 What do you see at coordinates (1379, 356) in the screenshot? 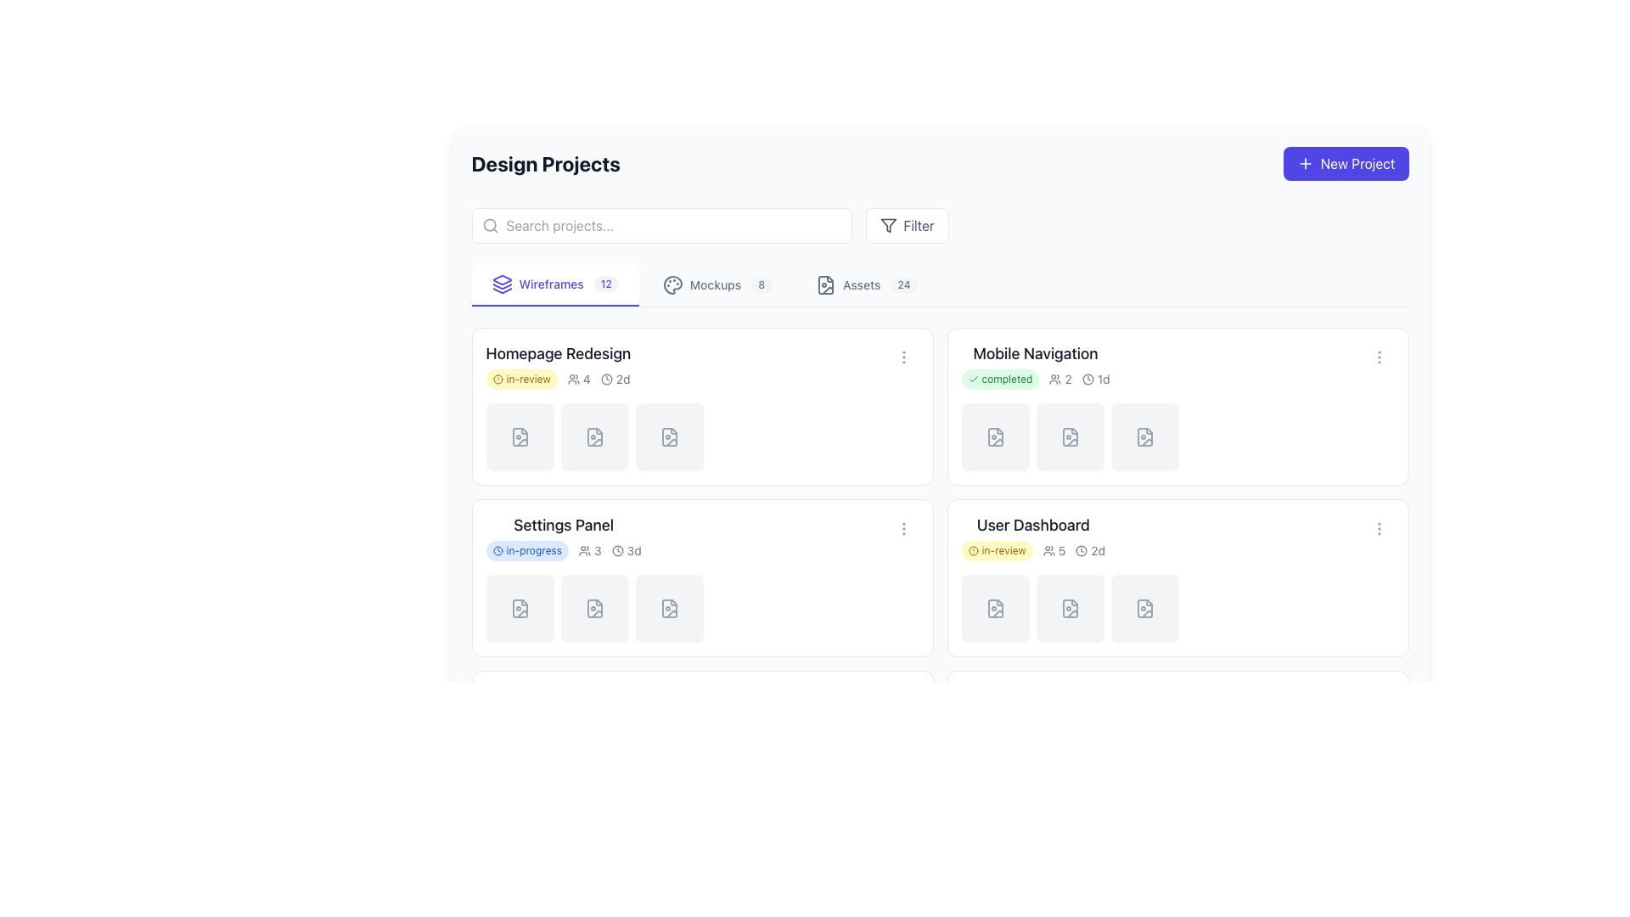
I see `the ellipsis vertical menu button located in the top-right corner of the 'Mobile Navigation' card` at bounding box center [1379, 356].